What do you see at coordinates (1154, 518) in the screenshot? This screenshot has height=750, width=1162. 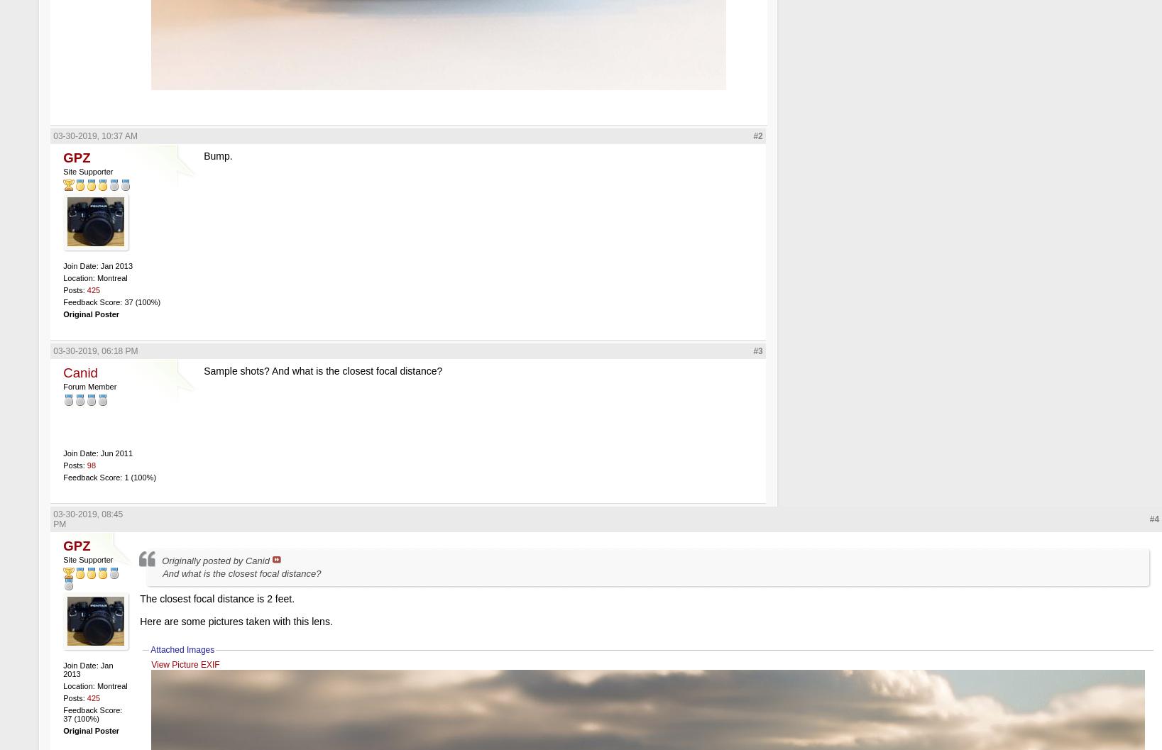 I see `'#4'` at bounding box center [1154, 518].